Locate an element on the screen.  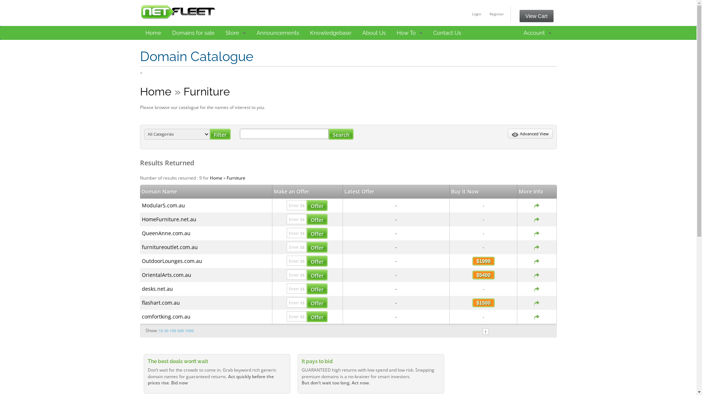
'Offer' is located at coordinates (307, 316).